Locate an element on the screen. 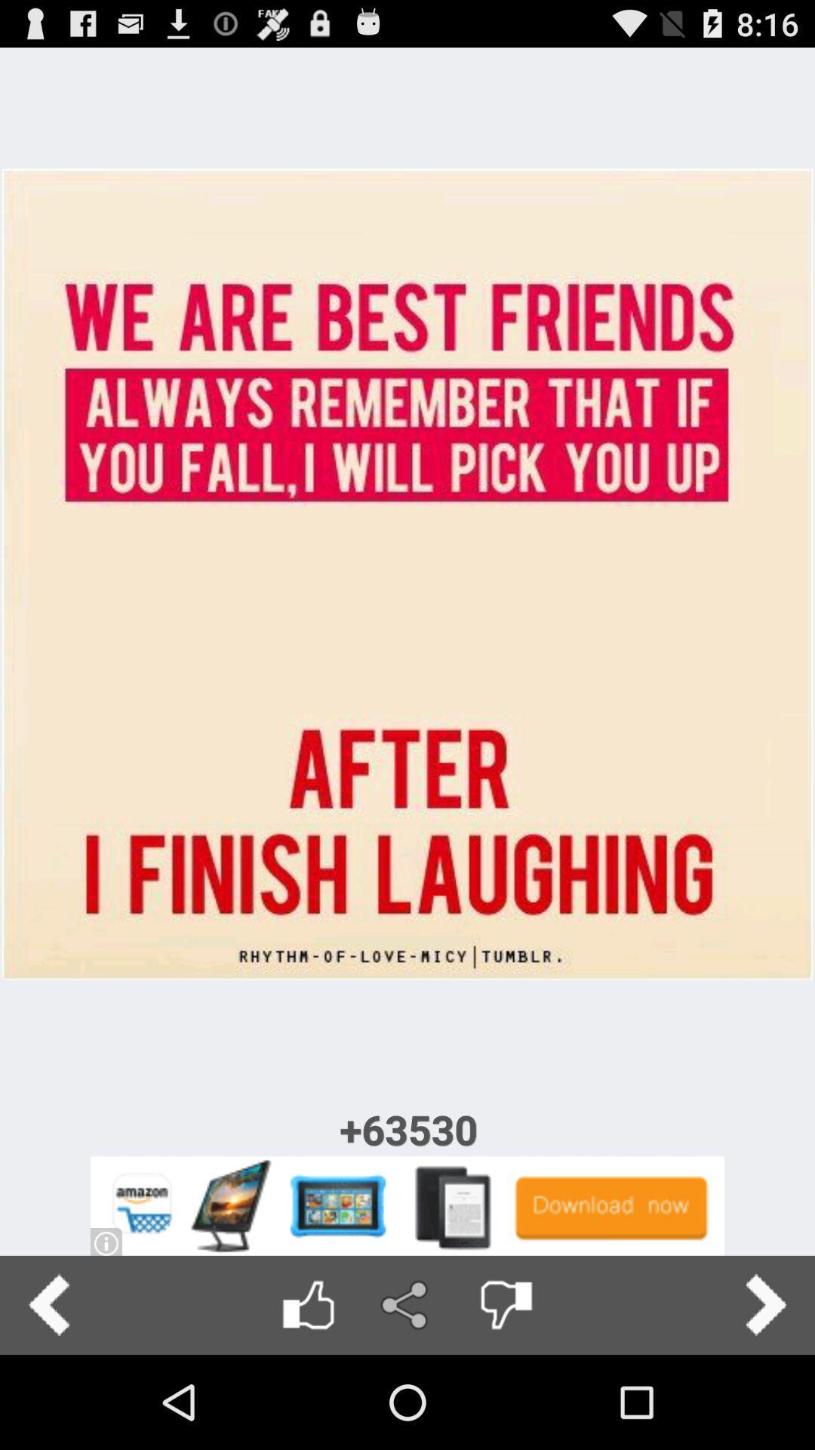 The width and height of the screenshot is (815, 1450). the thumbs_down icon is located at coordinates (506, 1396).